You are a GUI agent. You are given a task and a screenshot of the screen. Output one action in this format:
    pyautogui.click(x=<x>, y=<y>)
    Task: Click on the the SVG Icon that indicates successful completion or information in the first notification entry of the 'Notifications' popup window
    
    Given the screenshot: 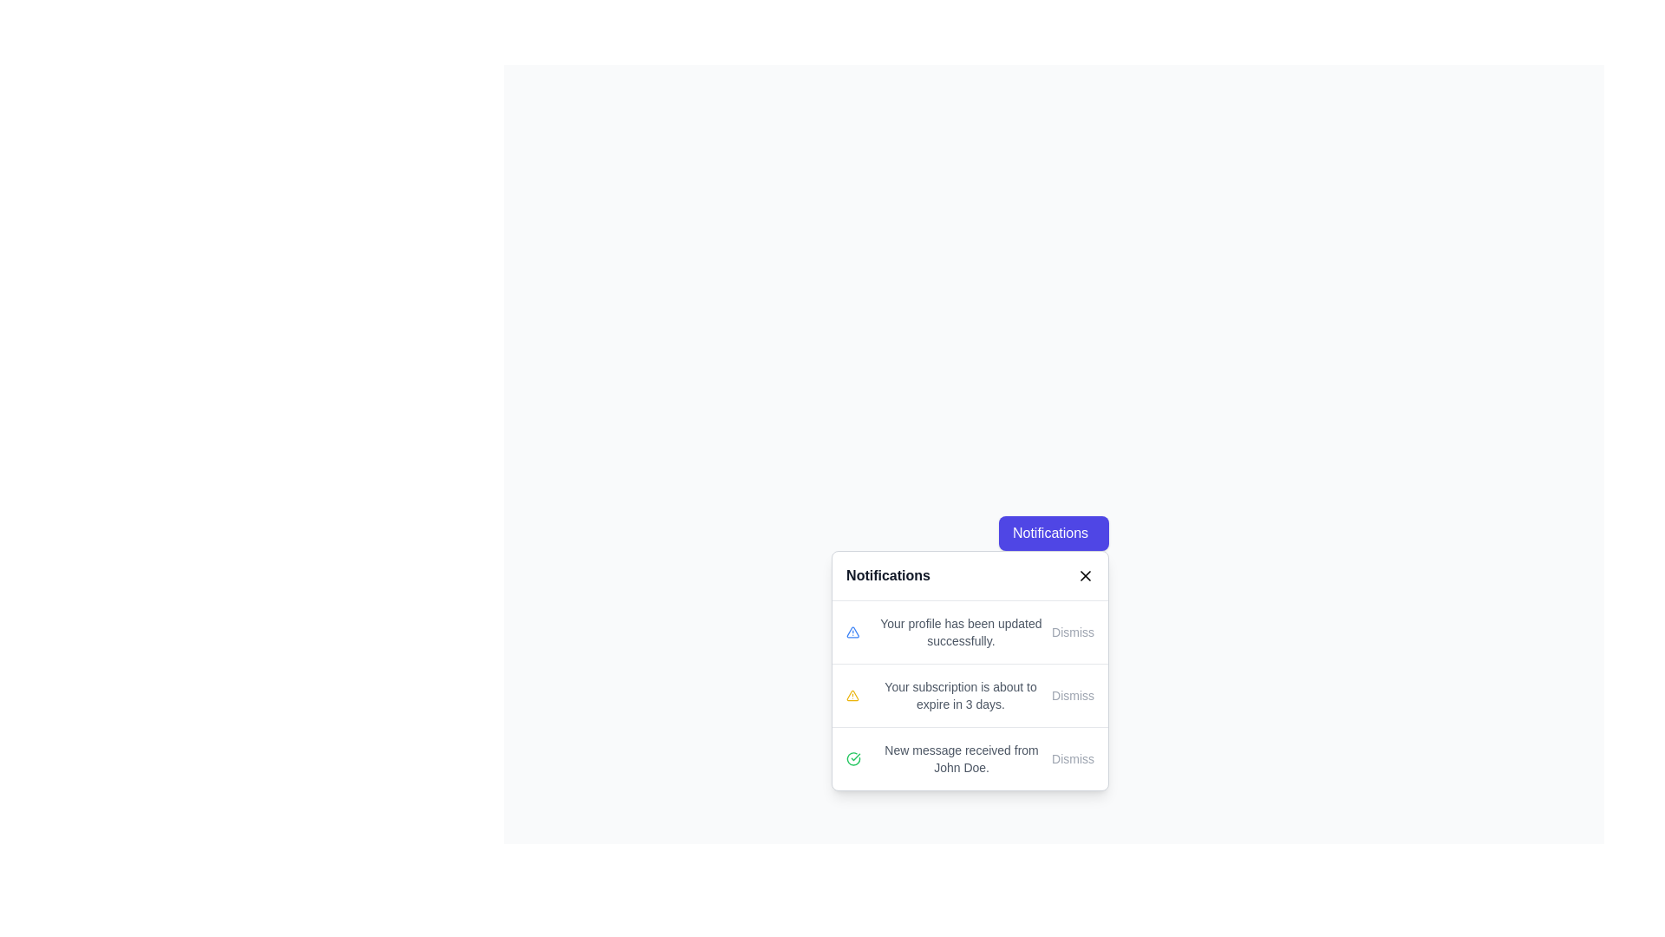 What is the action you would take?
    pyautogui.click(x=852, y=632)
    